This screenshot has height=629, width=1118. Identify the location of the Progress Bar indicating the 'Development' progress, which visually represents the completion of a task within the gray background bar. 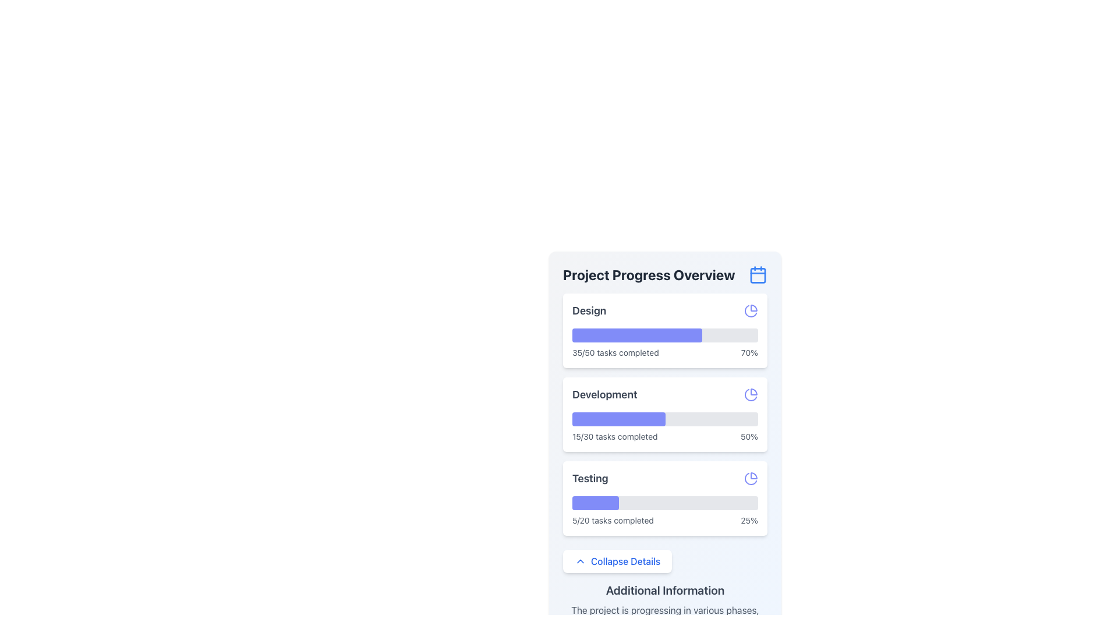
(618, 419).